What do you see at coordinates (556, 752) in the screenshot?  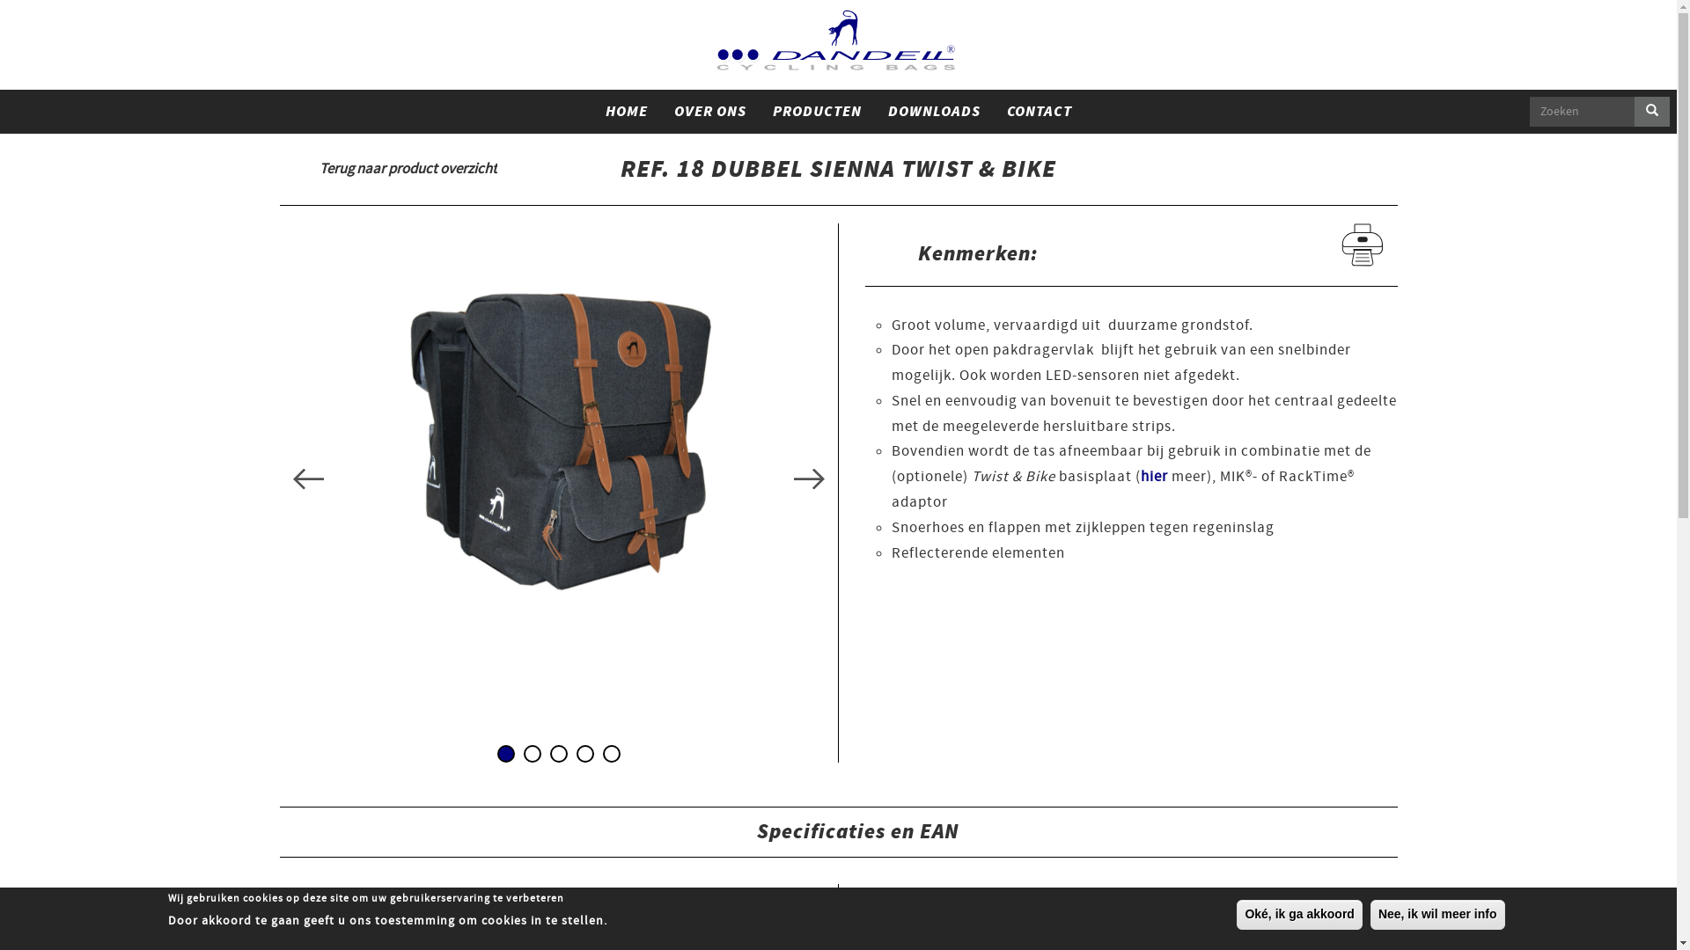 I see `'3'` at bounding box center [556, 752].